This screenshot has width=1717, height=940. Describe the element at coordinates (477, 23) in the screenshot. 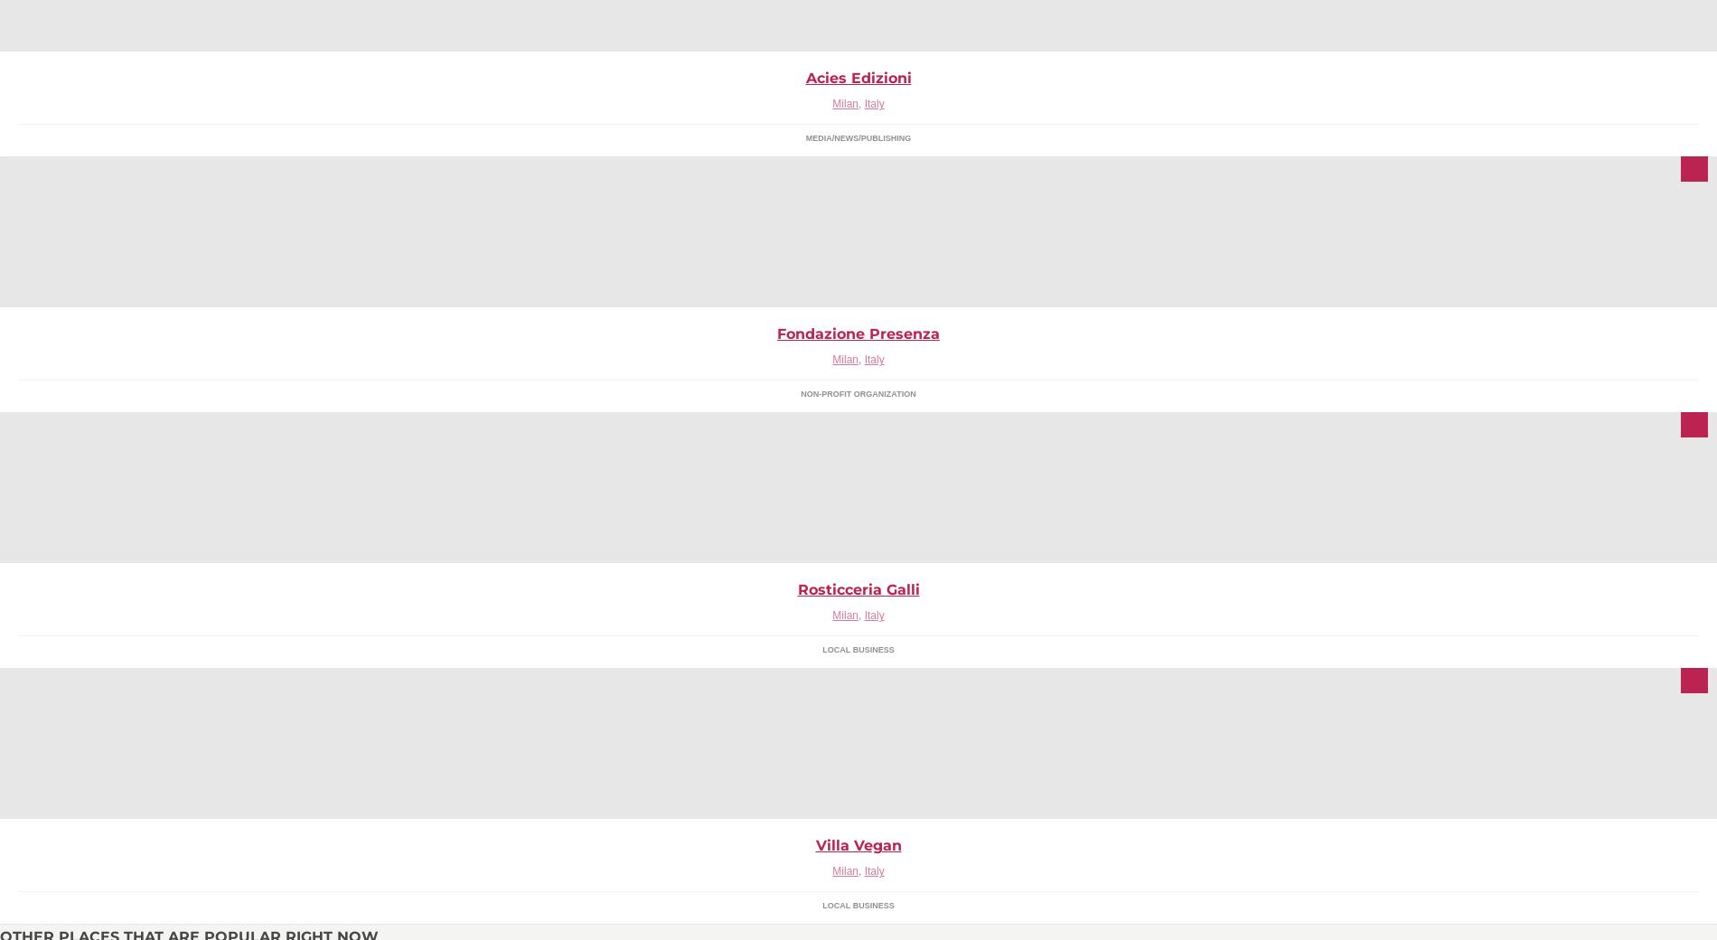

I see `'Te.De.S. S.r.l. - Technical Developments of Sound - rappresenta e distribuisce per il mercato italiano alcuni dei nomi più prestigiosi nel panorama internazionale dell'audio professionale.'` at that location.